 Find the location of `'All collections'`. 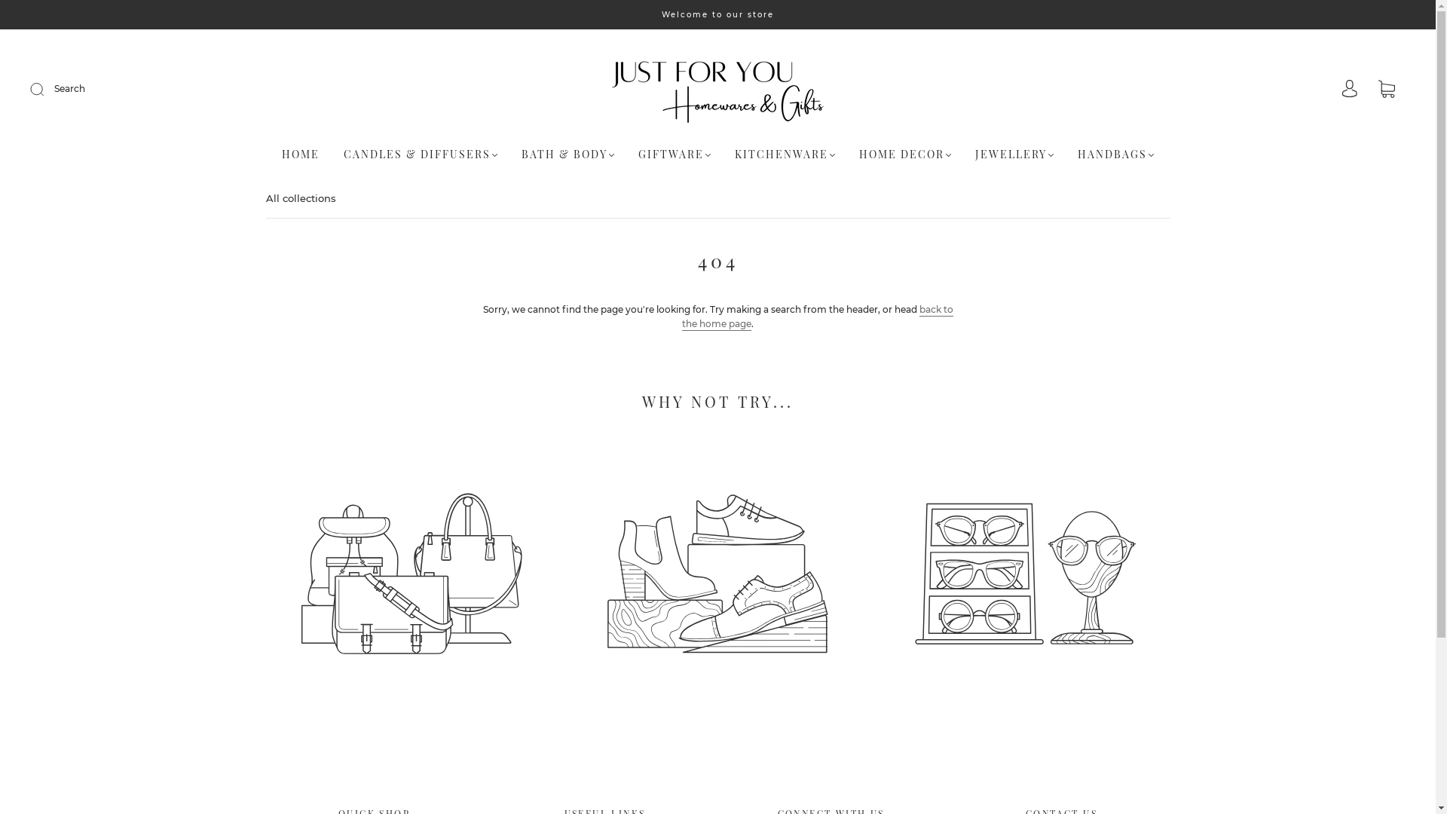

'All collections' is located at coordinates (300, 197).